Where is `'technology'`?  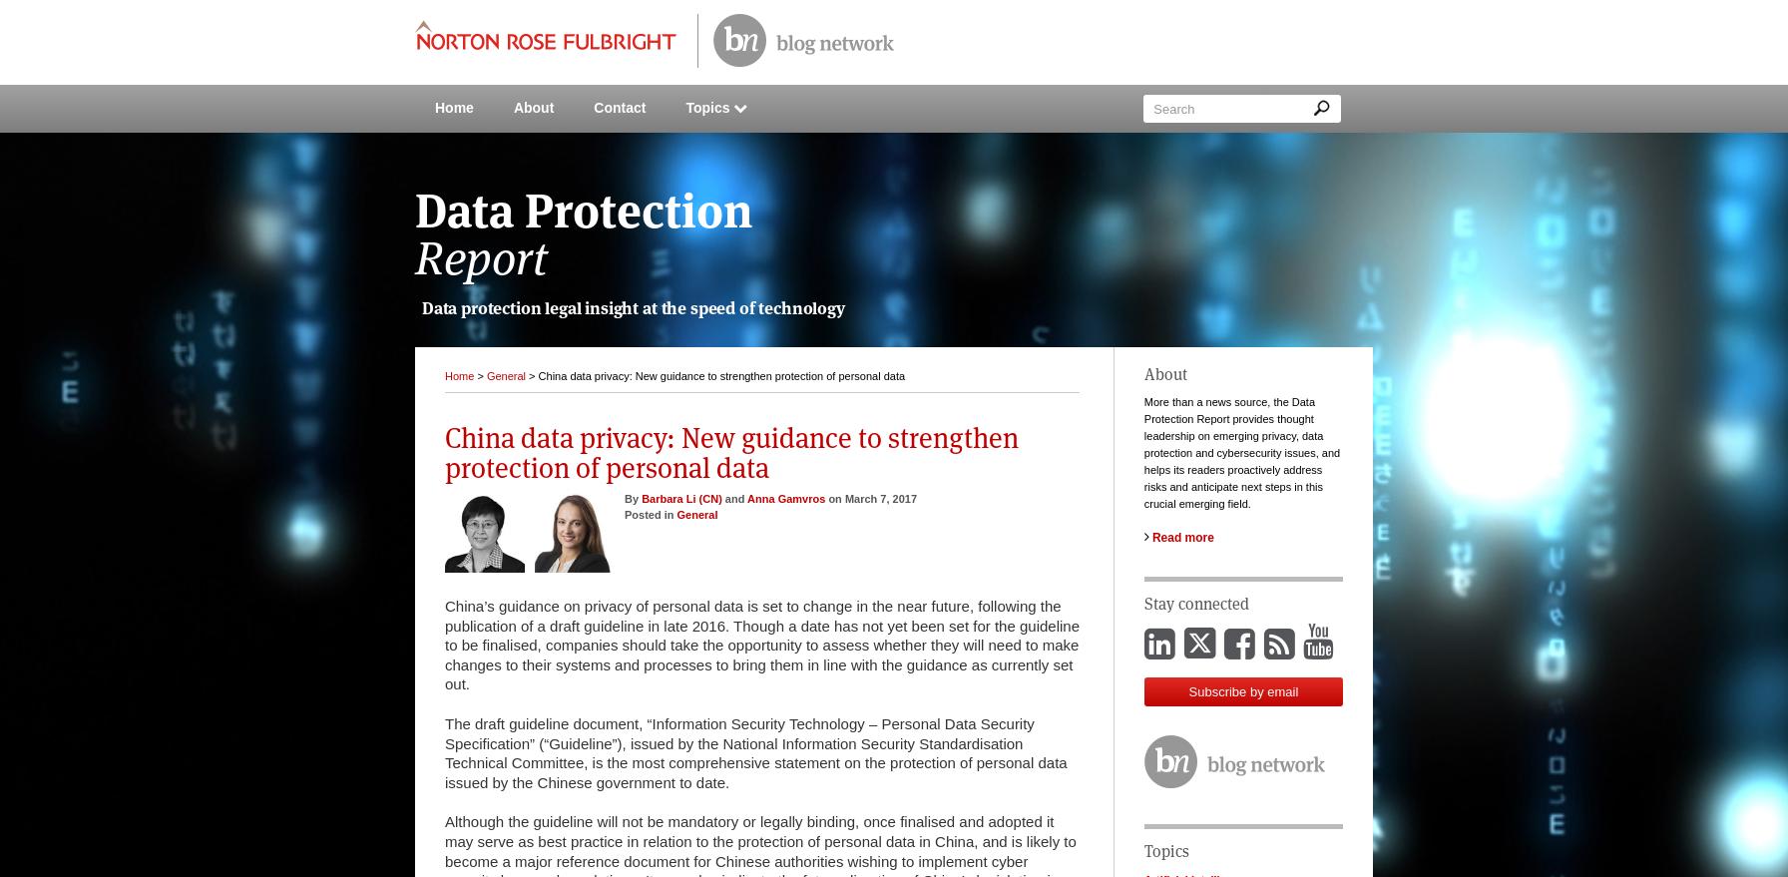 'technology' is located at coordinates (800, 307).